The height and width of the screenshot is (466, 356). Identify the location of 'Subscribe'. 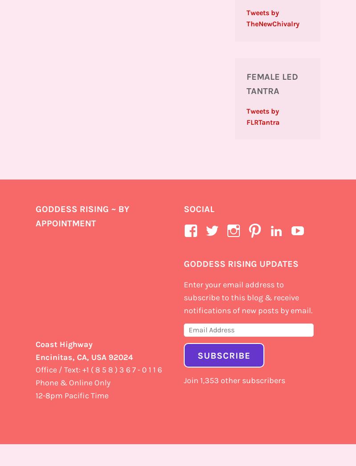
(223, 355).